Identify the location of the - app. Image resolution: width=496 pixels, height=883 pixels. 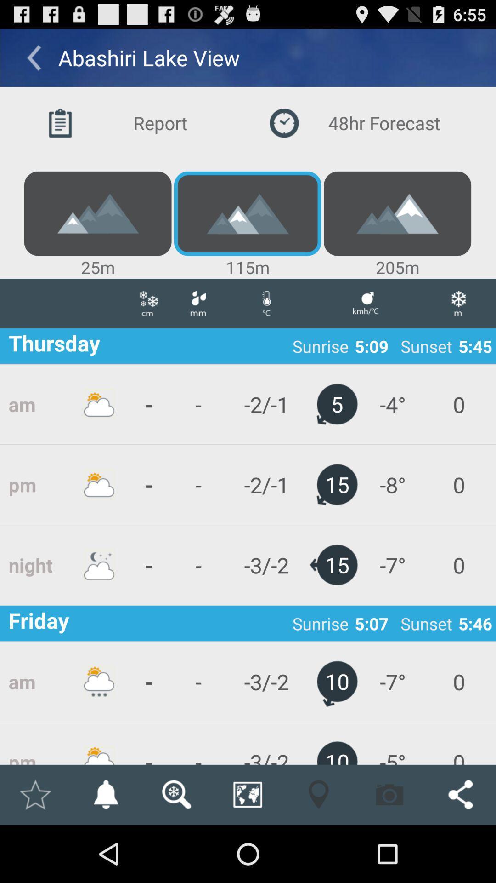
(148, 743).